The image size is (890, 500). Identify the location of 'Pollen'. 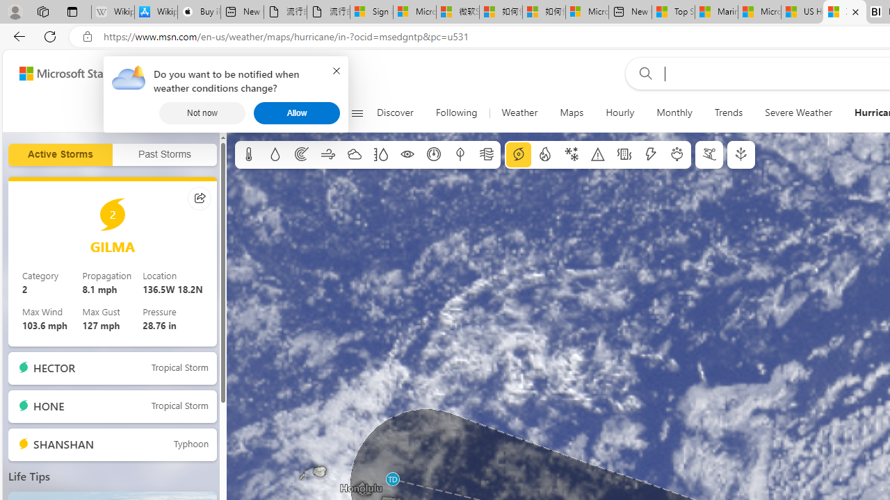
(677, 155).